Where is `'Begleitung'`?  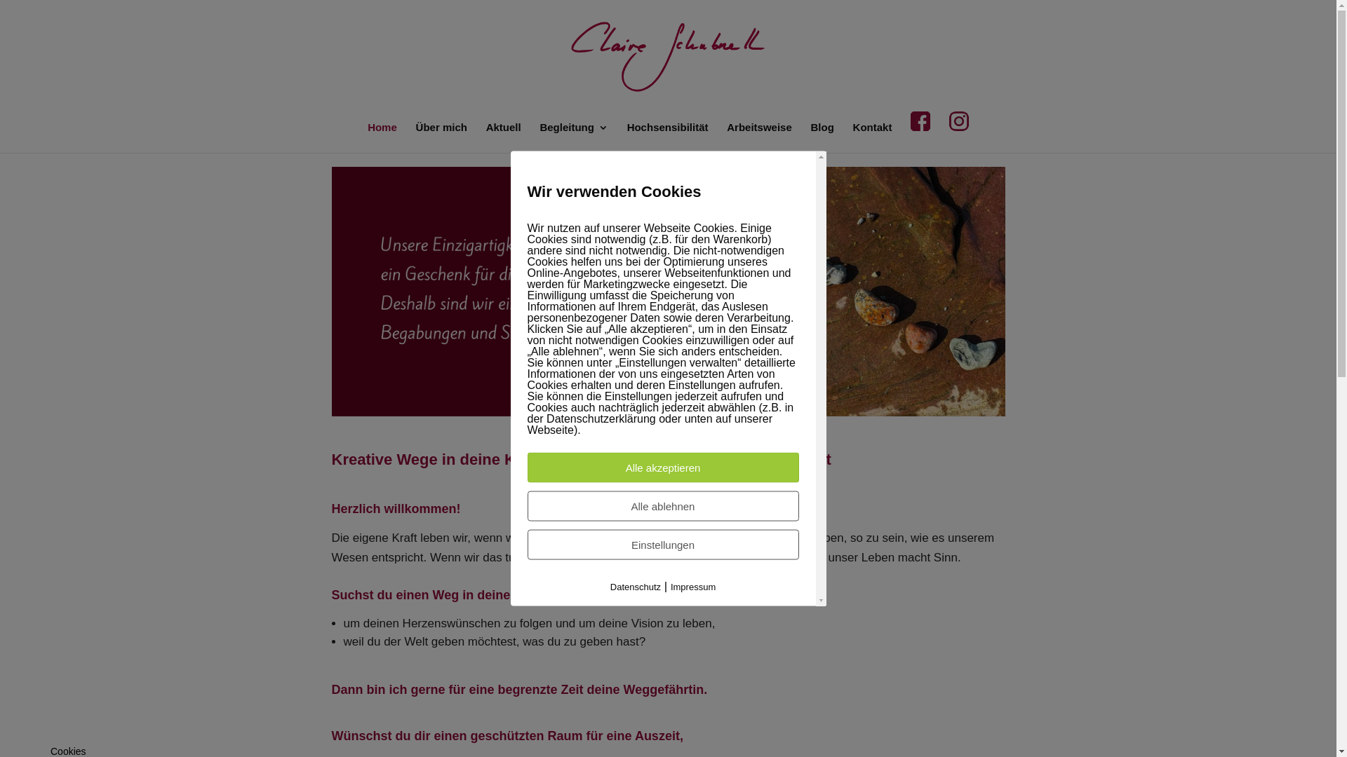
'Begleitung' is located at coordinates (573, 137).